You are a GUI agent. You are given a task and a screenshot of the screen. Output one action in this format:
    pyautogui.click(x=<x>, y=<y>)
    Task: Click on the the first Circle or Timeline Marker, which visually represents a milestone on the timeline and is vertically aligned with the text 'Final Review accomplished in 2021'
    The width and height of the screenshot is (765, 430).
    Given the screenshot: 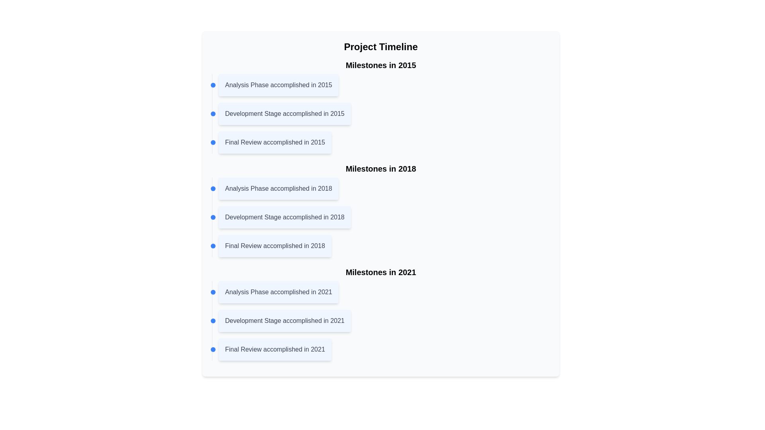 What is the action you would take?
    pyautogui.click(x=213, y=349)
    